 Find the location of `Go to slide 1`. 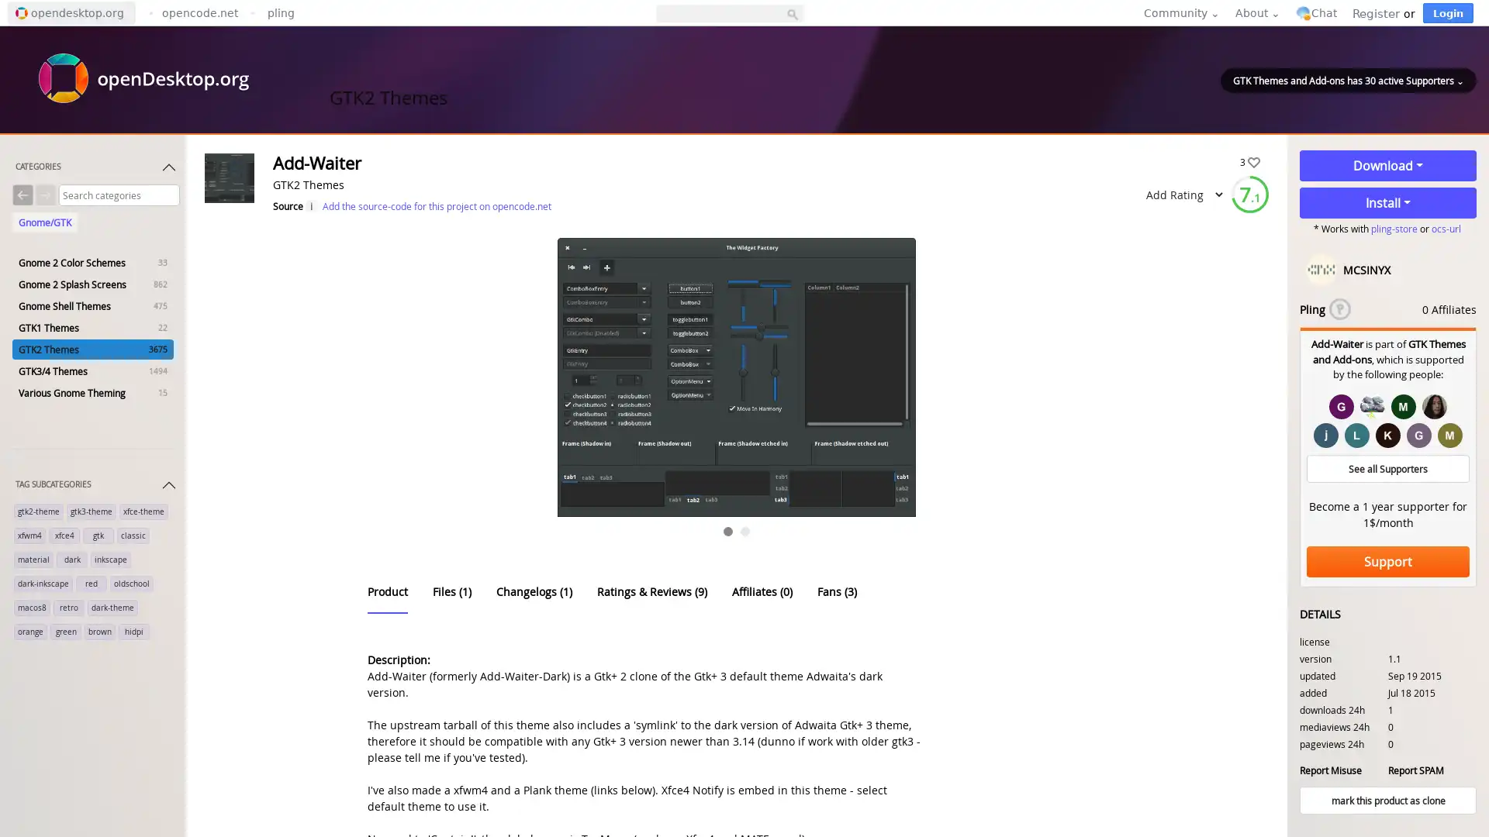

Go to slide 1 is located at coordinates (727, 531).